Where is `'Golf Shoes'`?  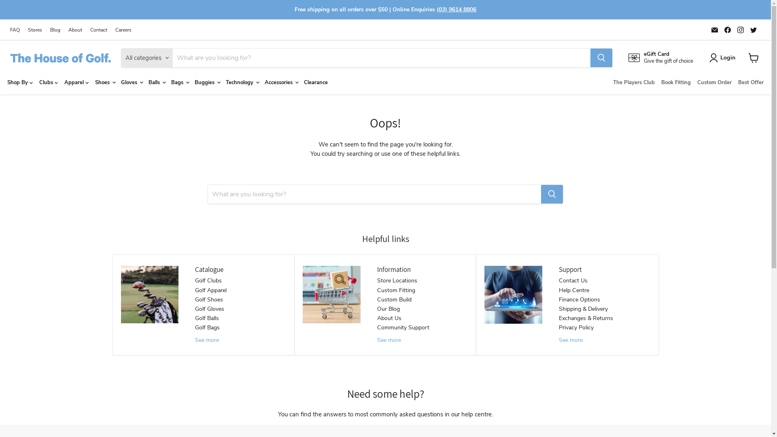
'Golf Shoes' is located at coordinates (209, 299).